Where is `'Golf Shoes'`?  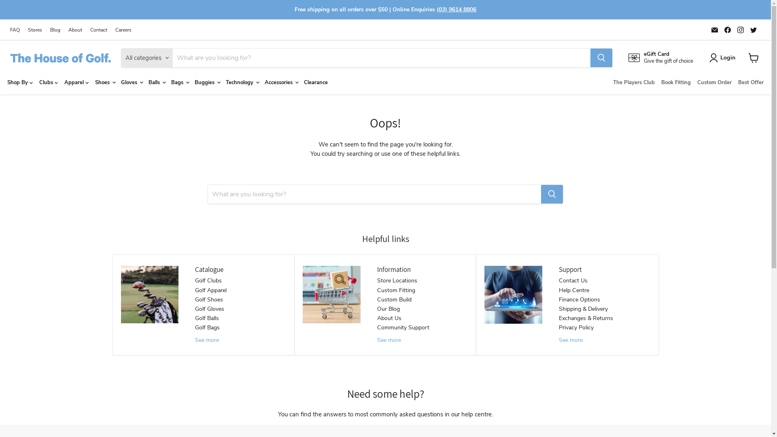
'Golf Shoes' is located at coordinates (209, 299).